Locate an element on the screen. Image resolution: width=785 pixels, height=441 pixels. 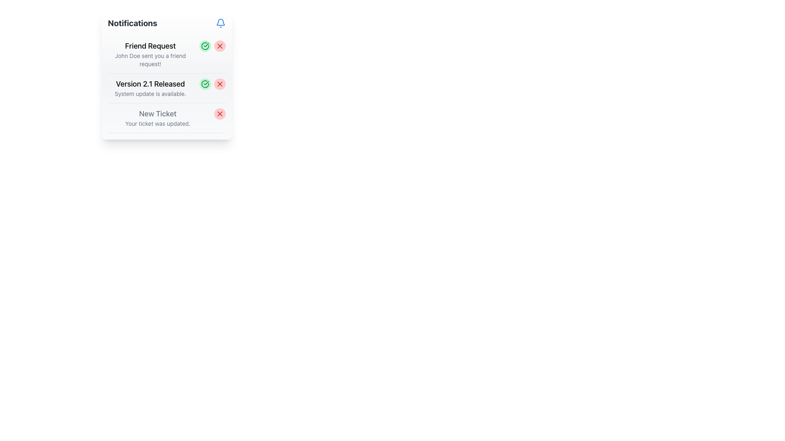
the dismiss button with an icon located to the right of the 'New Ticket' notification text in the third notification item is located at coordinates (220, 114).